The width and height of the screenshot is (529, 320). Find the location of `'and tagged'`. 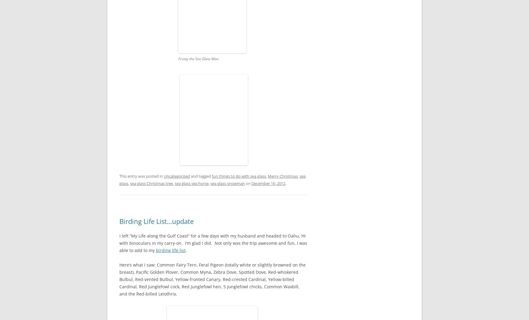

'and tagged' is located at coordinates (200, 176).